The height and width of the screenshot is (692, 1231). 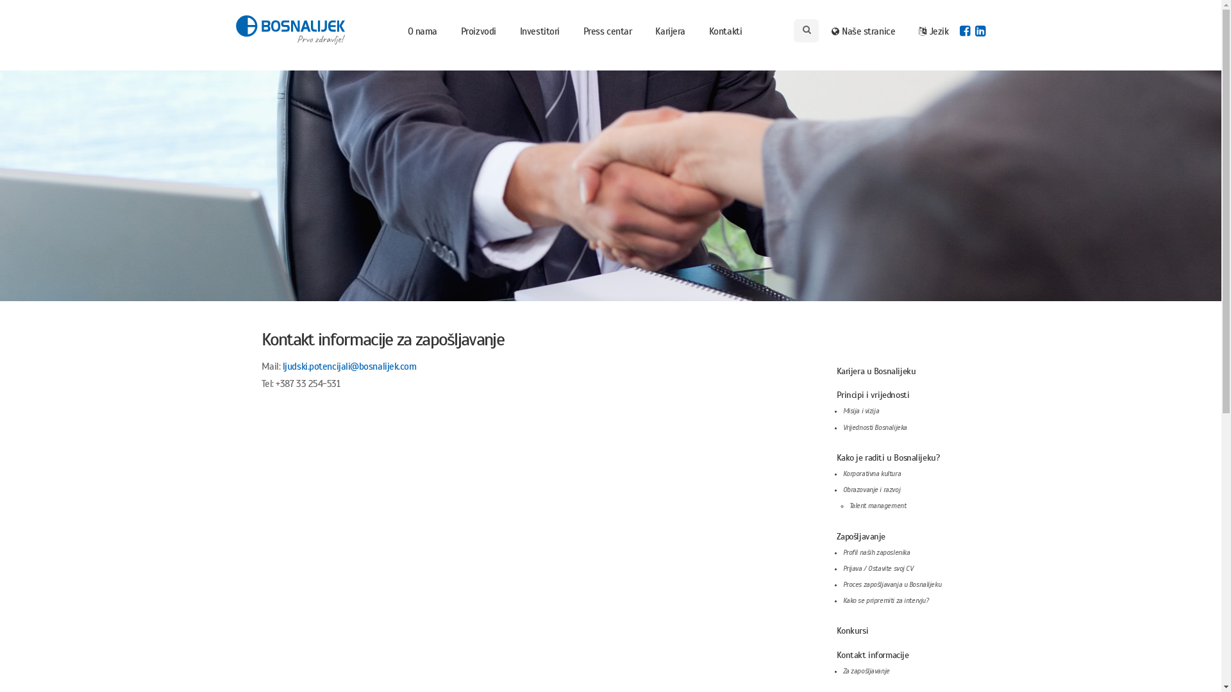 I want to click on 'Principi i vrijednosti', so click(x=836, y=394).